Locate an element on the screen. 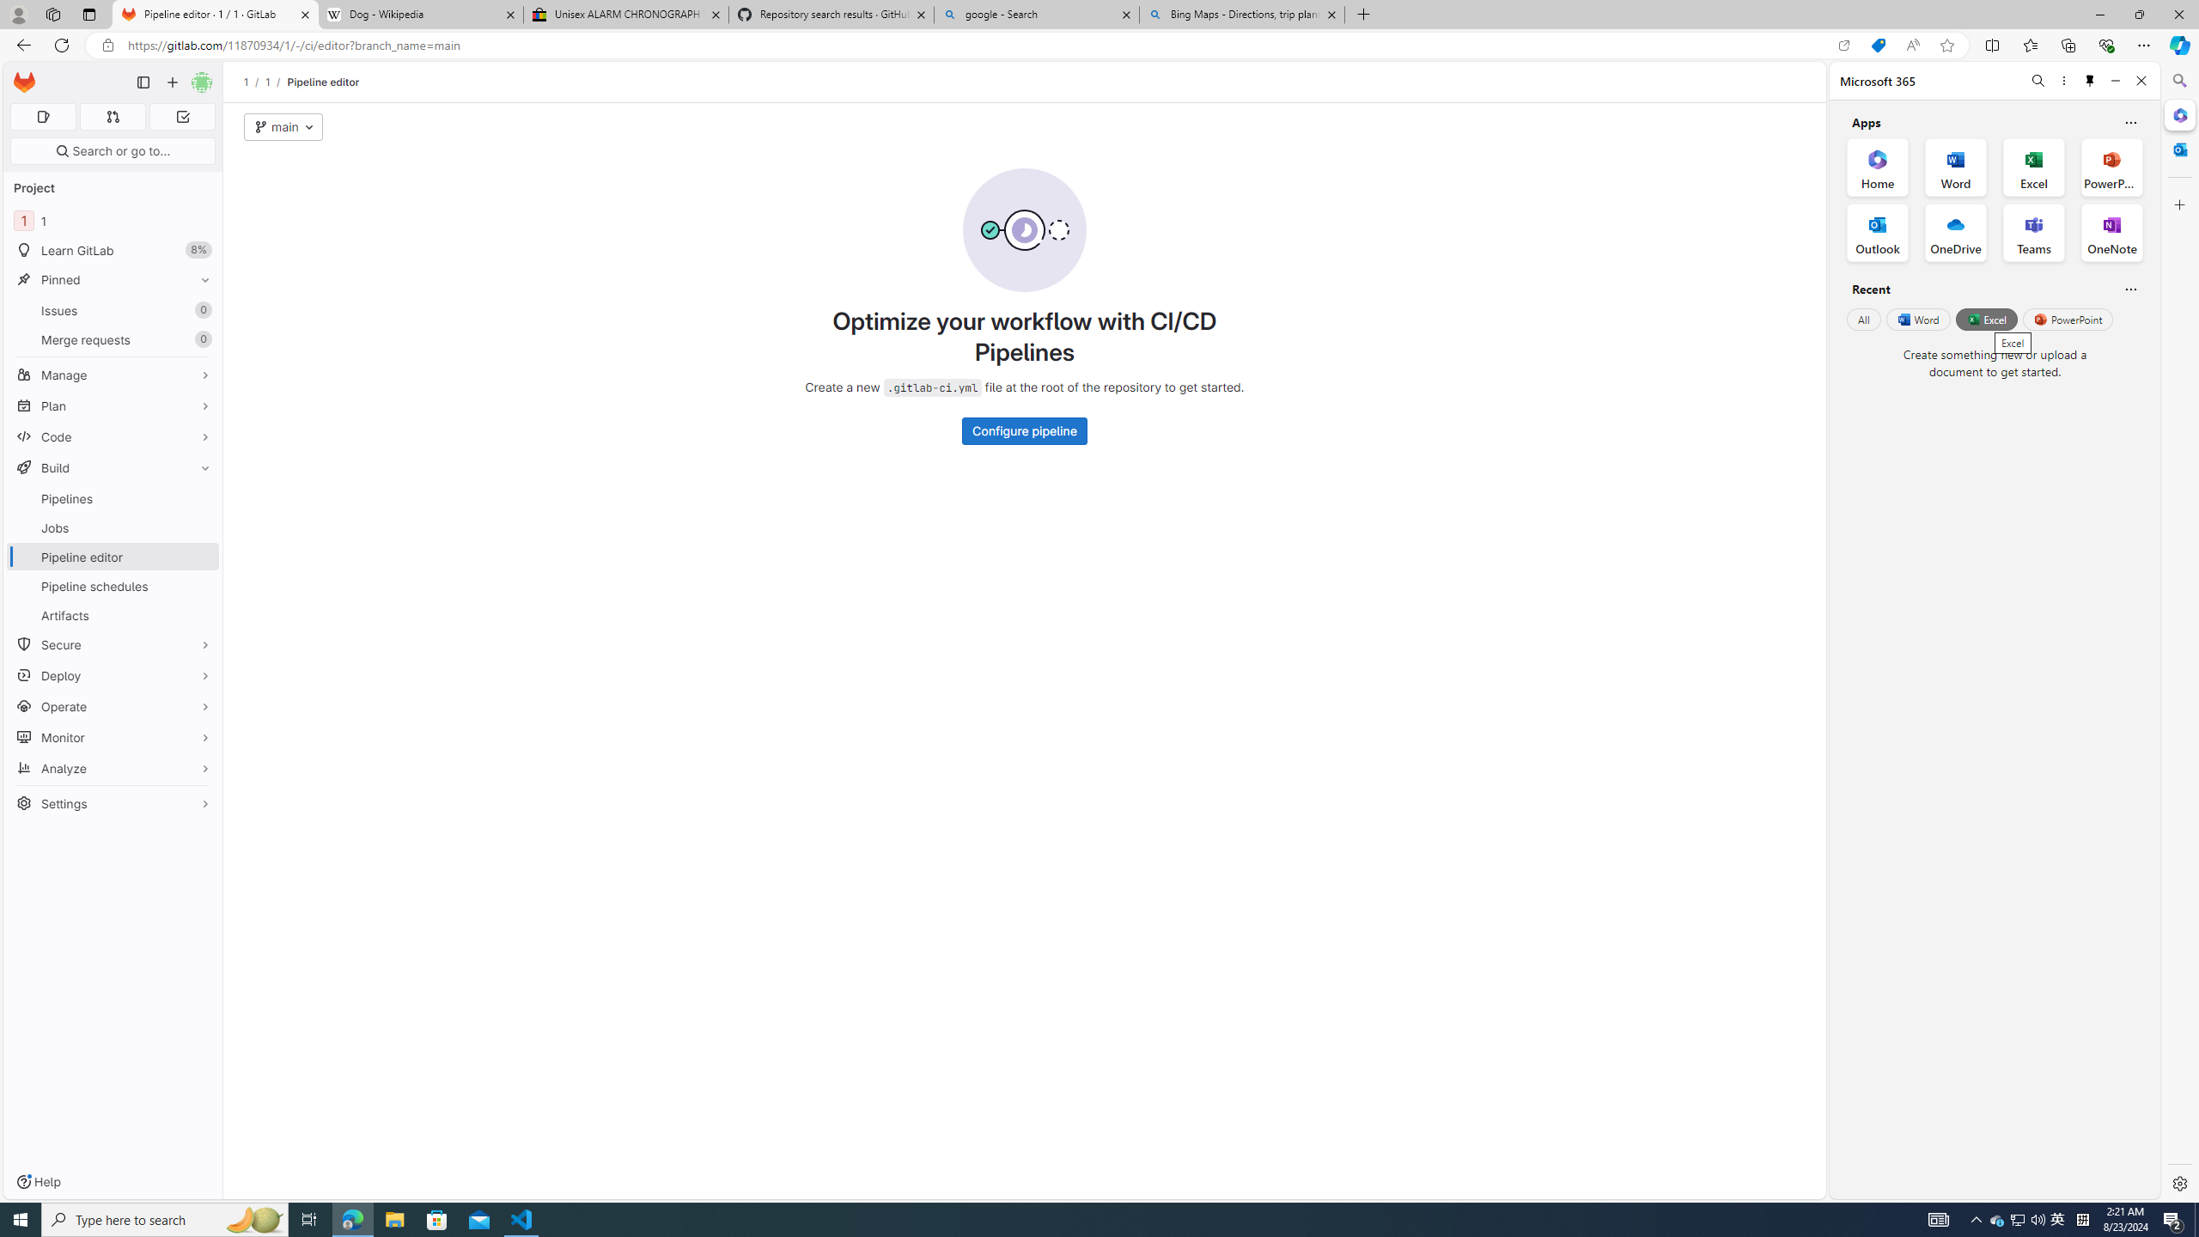 The height and width of the screenshot is (1237, 2199). 'Open in app' is located at coordinates (1843, 46).